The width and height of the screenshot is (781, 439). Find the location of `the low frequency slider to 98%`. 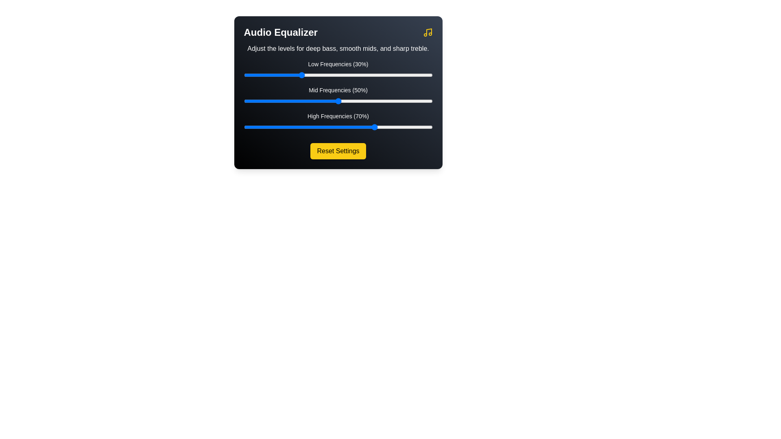

the low frequency slider to 98% is located at coordinates (428, 75).